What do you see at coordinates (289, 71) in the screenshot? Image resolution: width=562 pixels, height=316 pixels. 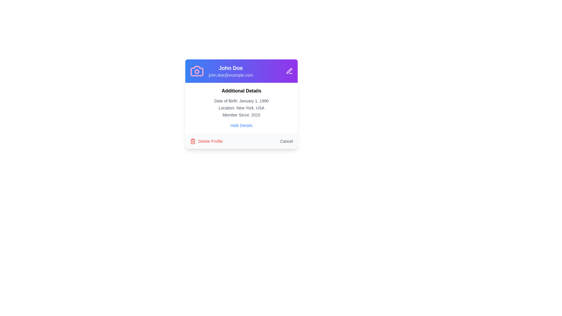 I see `the 'edit' button located at the top-right corner of the user's profile card` at bounding box center [289, 71].